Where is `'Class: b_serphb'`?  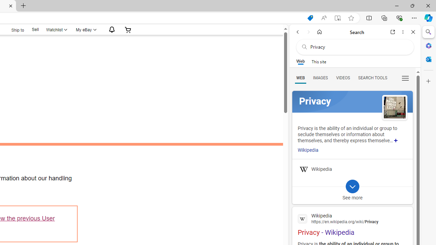 'Class: b_serphb' is located at coordinates (405, 78).